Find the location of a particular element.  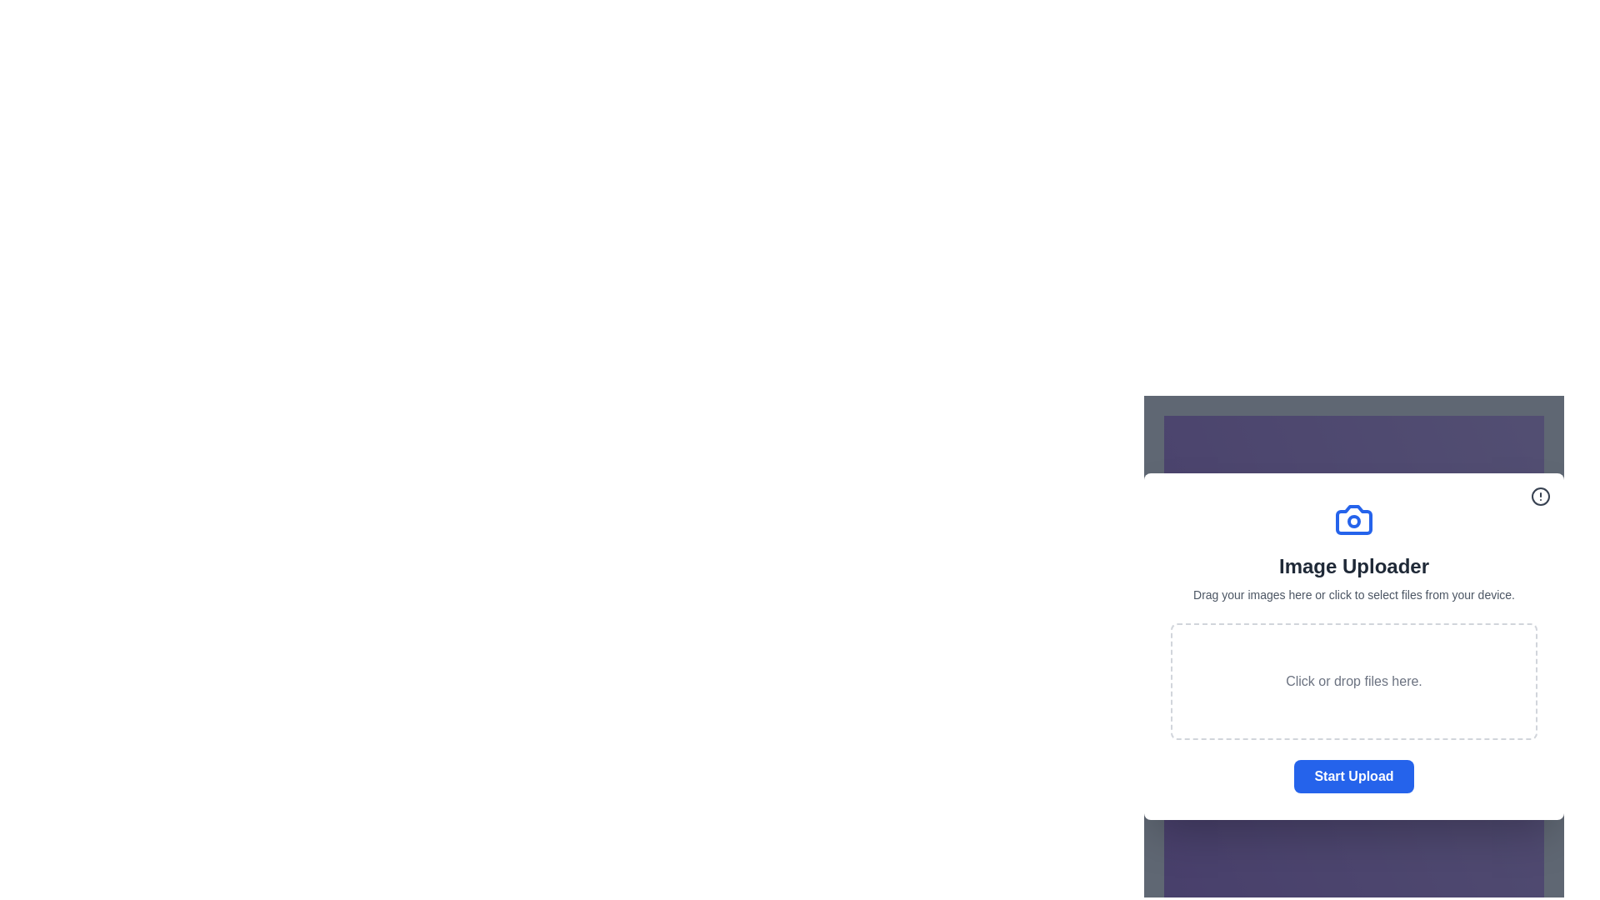

the close icon button located at the top-right corner of the 'Image Uploader' modal is located at coordinates (1539, 496).